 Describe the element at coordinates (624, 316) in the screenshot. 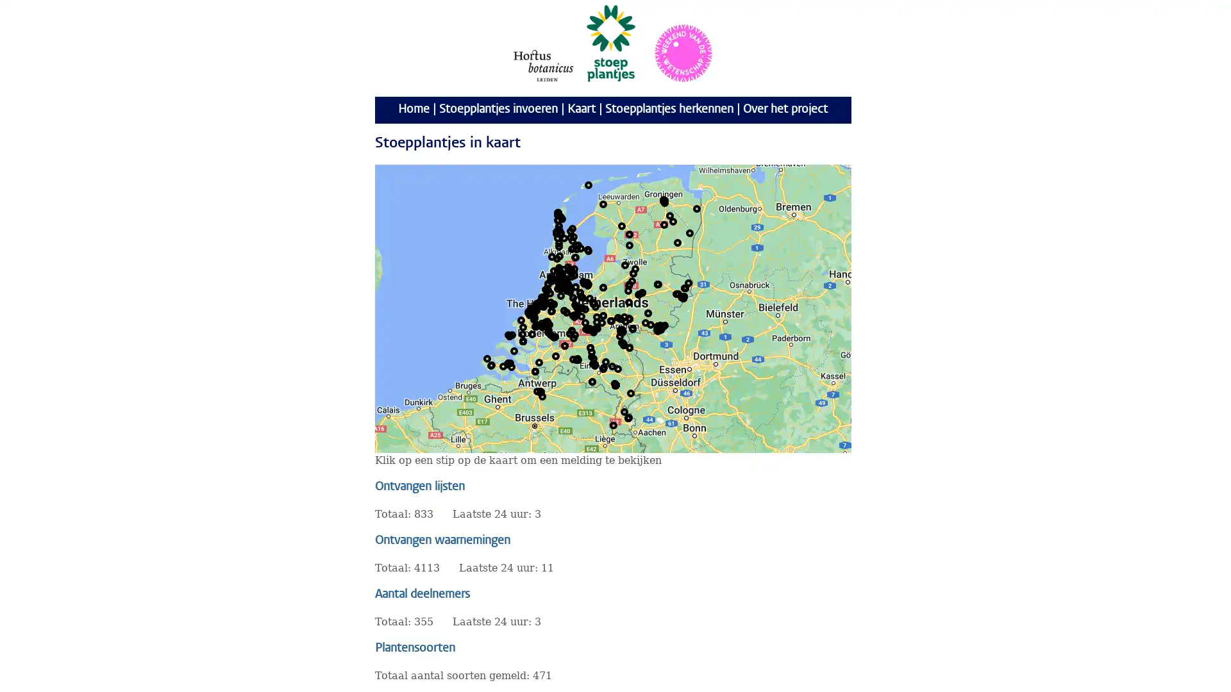

I see `Telling van BurgersZoo BuurtNatuur op 04 juni 2022` at that location.